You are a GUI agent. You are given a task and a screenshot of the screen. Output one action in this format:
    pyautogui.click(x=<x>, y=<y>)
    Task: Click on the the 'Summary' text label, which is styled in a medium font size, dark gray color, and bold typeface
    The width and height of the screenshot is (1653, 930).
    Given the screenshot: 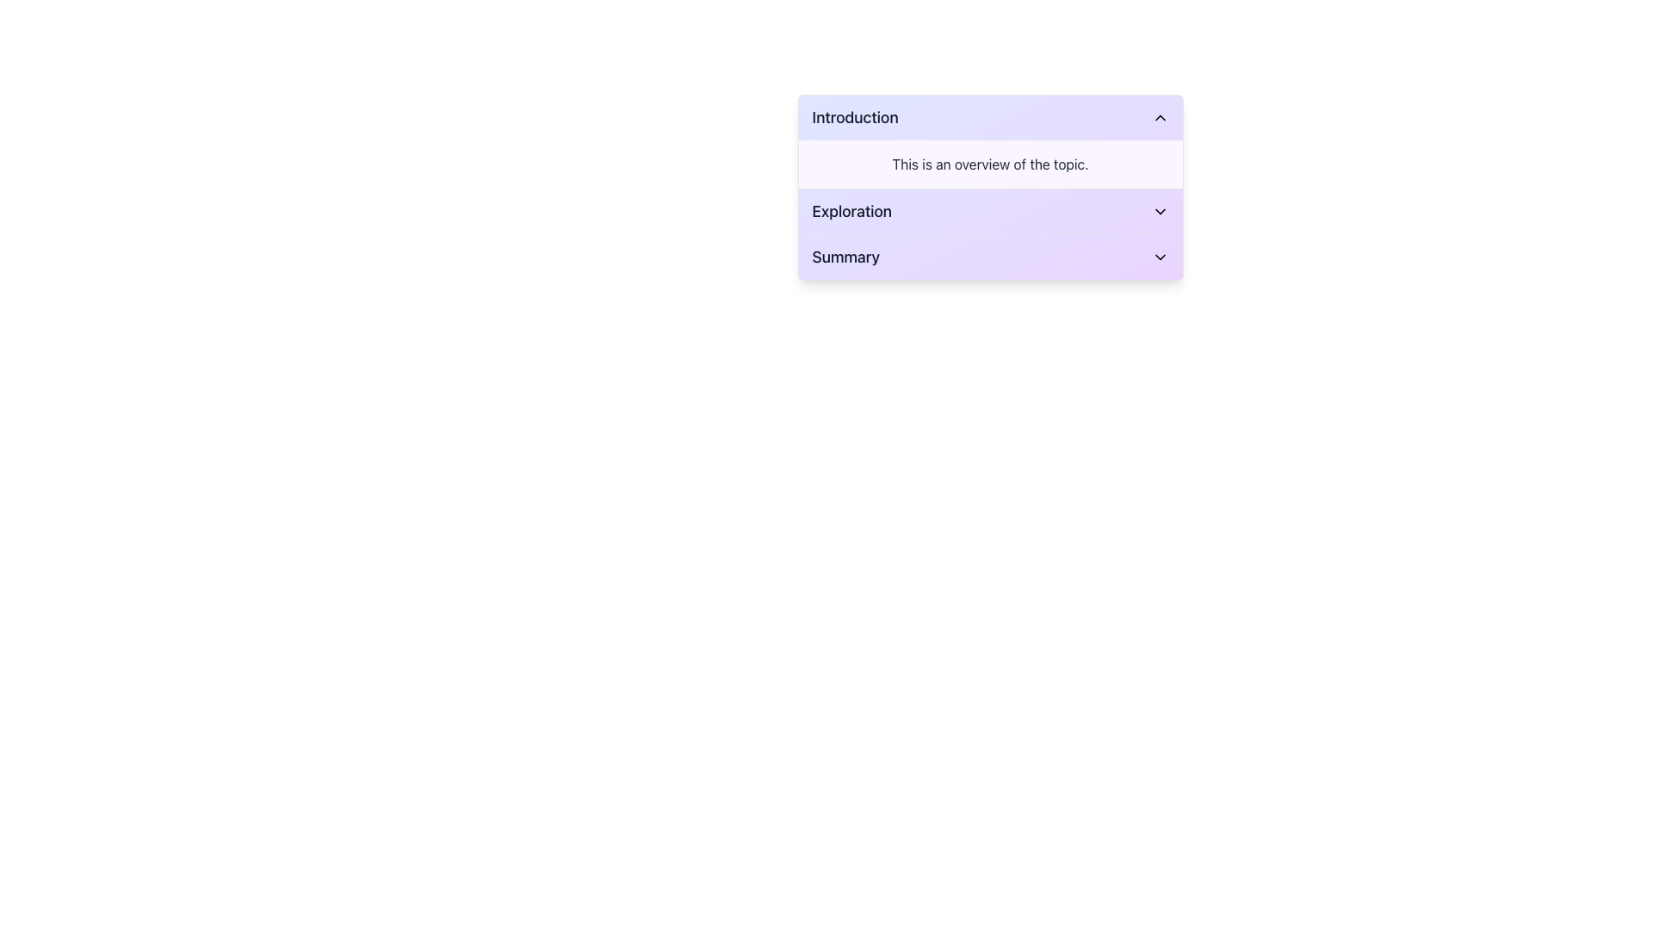 What is the action you would take?
    pyautogui.click(x=845, y=257)
    